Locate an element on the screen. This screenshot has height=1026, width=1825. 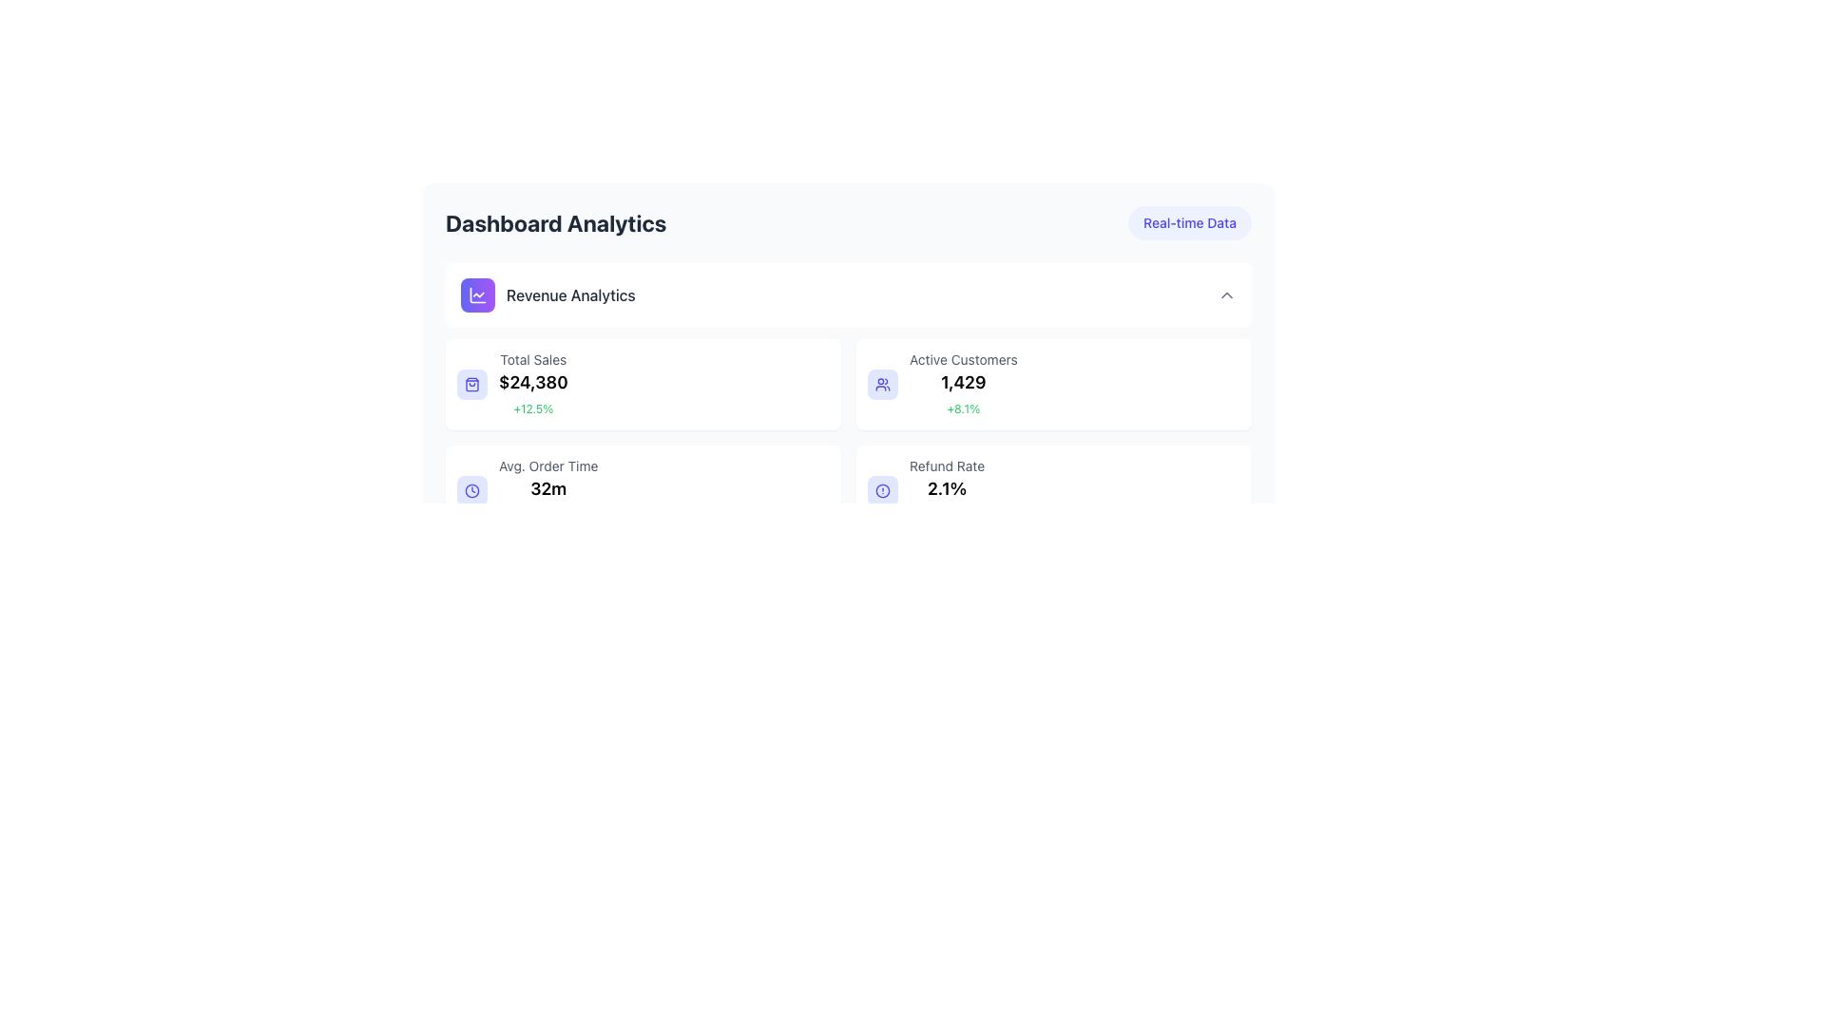
the shopping bag icon located in the 'Total Sales' section of the dashboard using accessibility tools is located at coordinates (472, 385).